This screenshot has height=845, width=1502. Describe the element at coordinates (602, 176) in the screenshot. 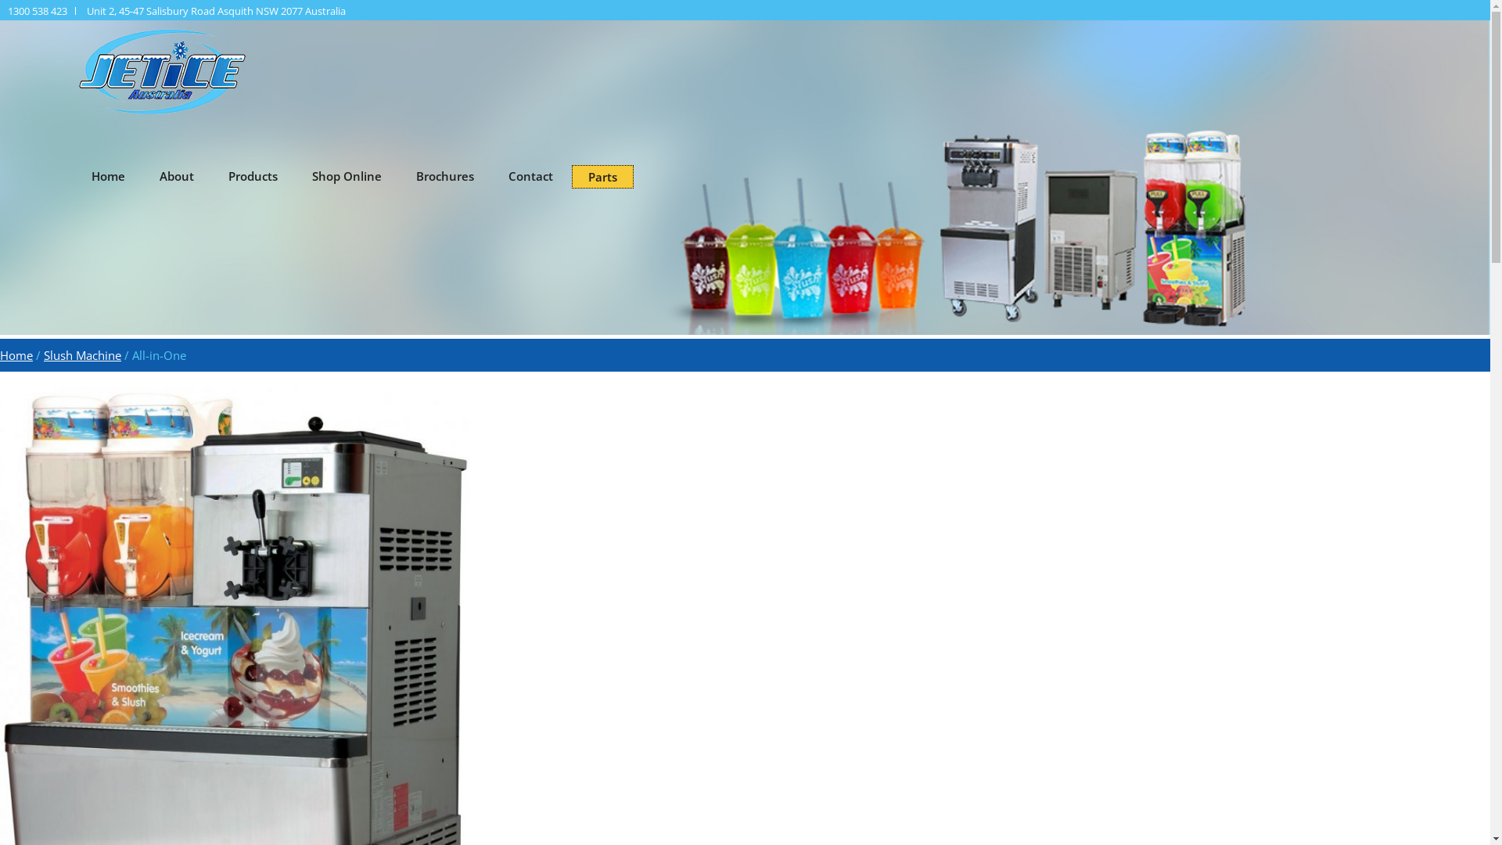

I see `'Parts'` at that location.